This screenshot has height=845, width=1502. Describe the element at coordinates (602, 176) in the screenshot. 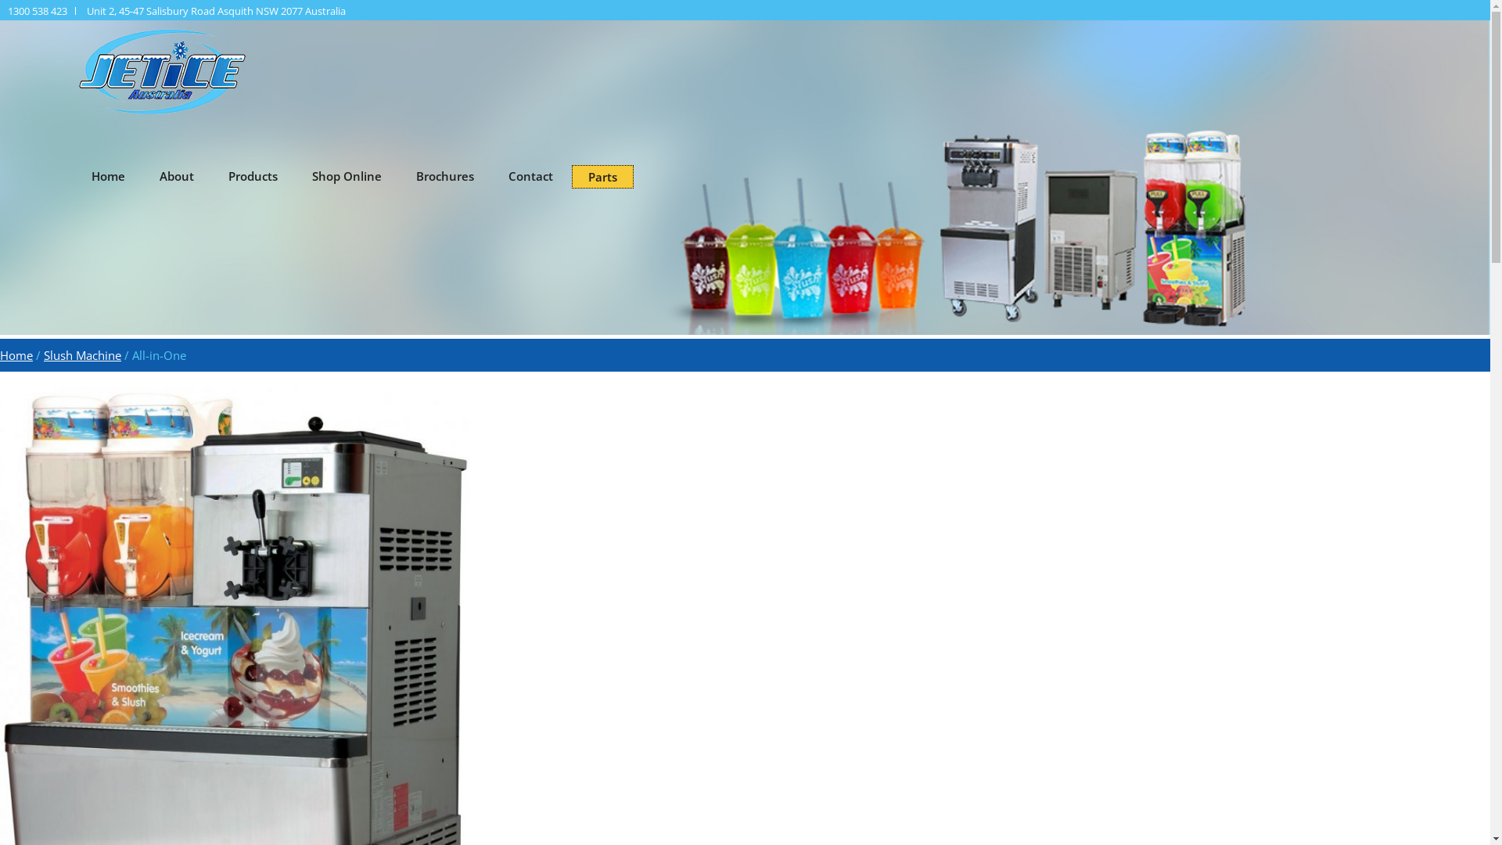

I see `'Parts'` at that location.